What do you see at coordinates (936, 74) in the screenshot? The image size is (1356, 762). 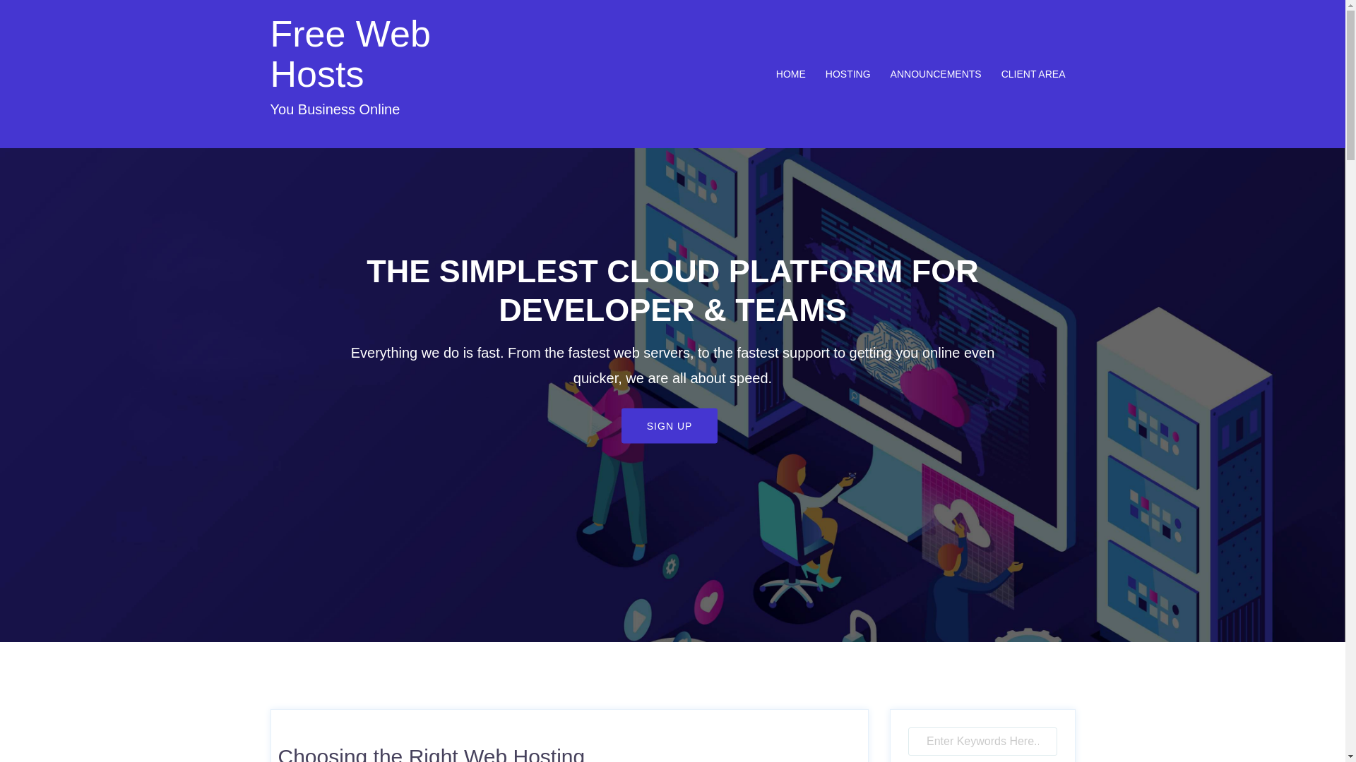 I see `'ANNOUNCEMENTS'` at bounding box center [936, 74].